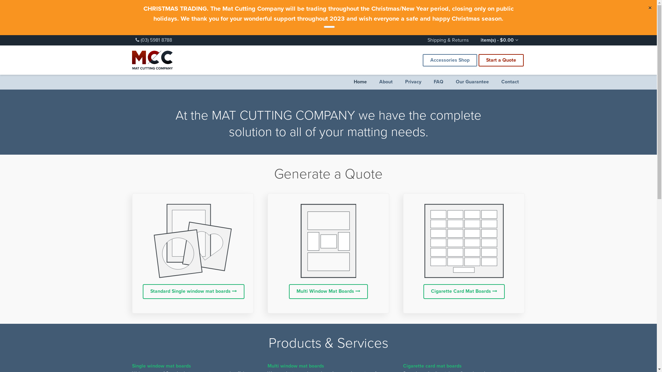 Image resolution: width=662 pixels, height=372 pixels. What do you see at coordinates (501, 60) in the screenshot?
I see `'Start a Quote'` at bounding box center [501, 60].